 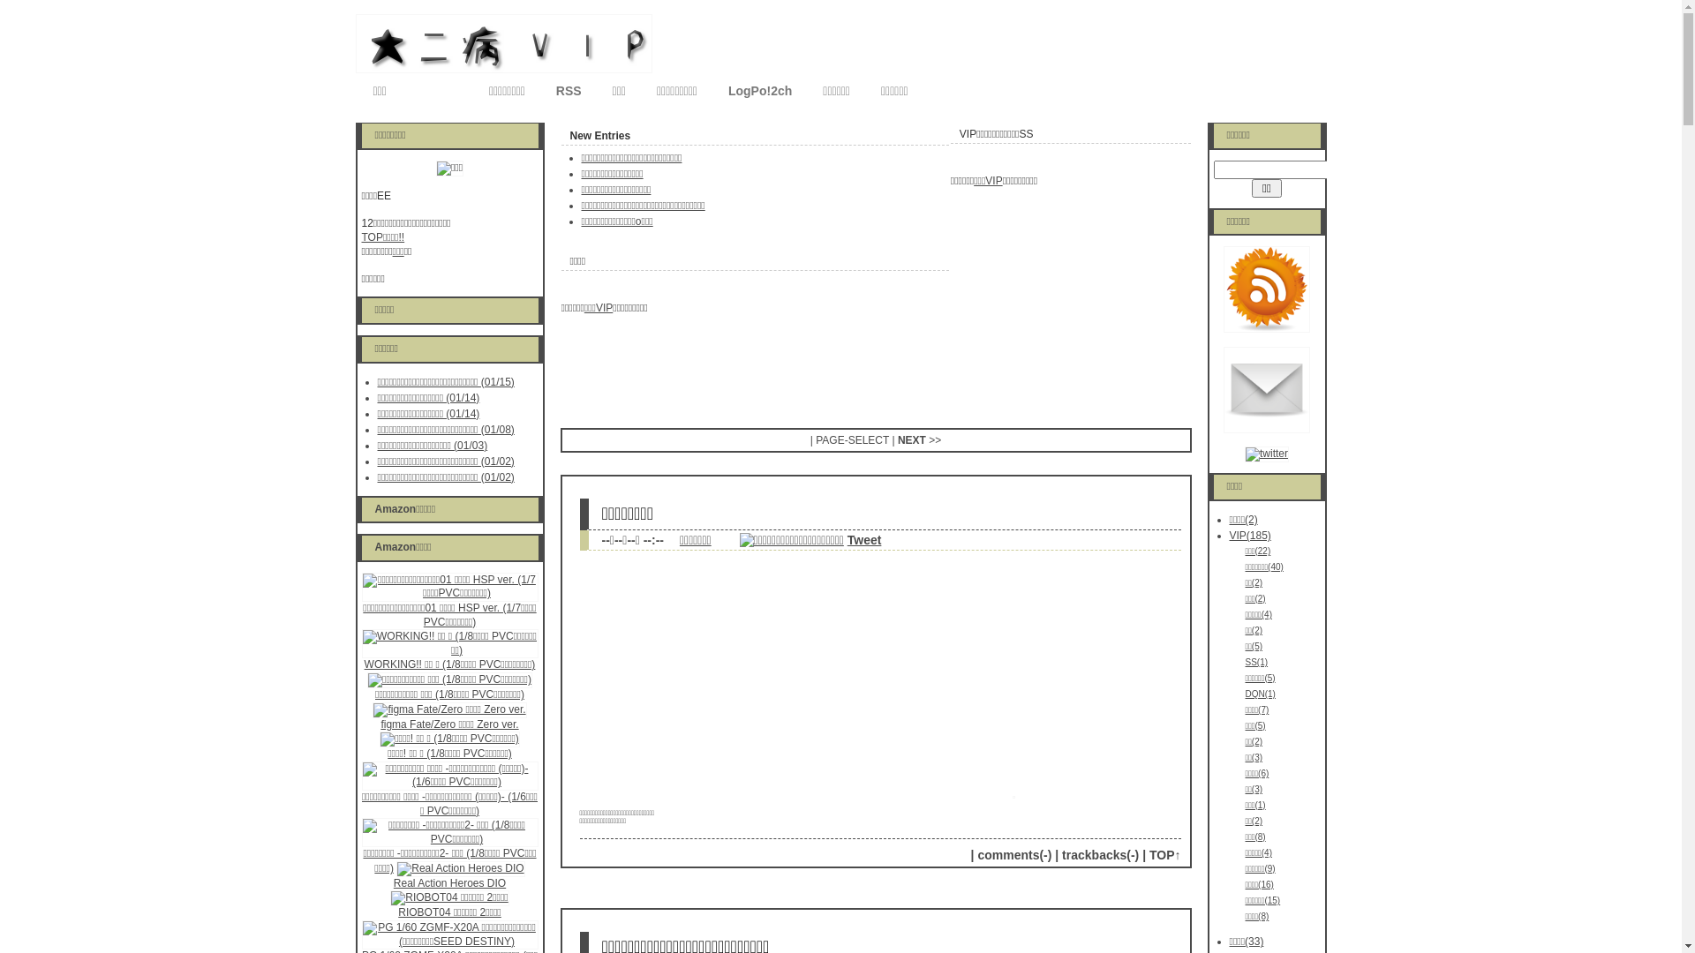 What do you see at coordinates (1248, 534) in the screenshot?
I see `'VIP(185)'` at bounding box center [1248, 534].